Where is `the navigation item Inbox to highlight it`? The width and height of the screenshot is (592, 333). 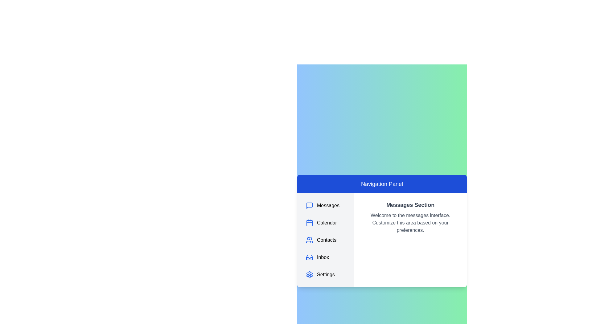
the navigation item Inbox to highlight it is located at coordinates (325, 257).